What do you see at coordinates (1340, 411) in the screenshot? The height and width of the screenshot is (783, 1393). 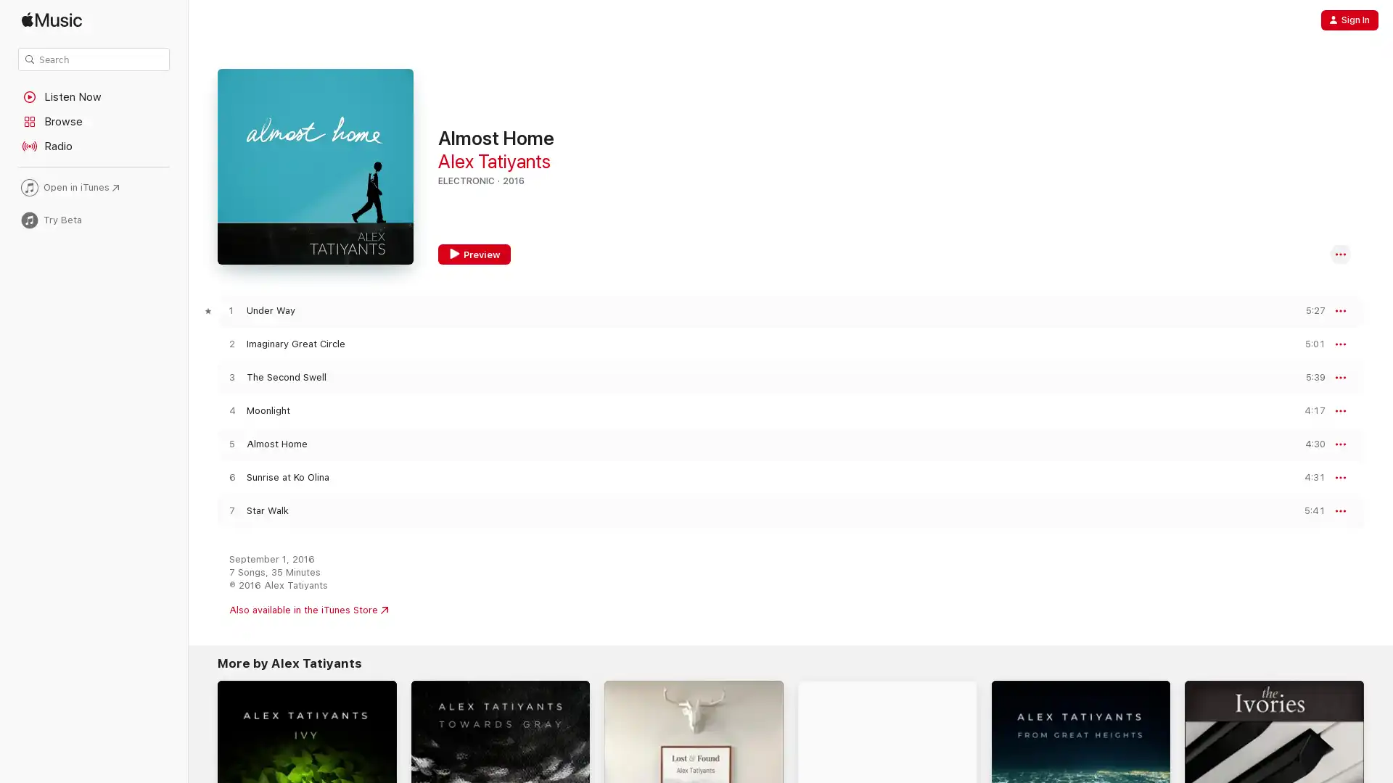 I see `More` at bounding box center [1340, 411].